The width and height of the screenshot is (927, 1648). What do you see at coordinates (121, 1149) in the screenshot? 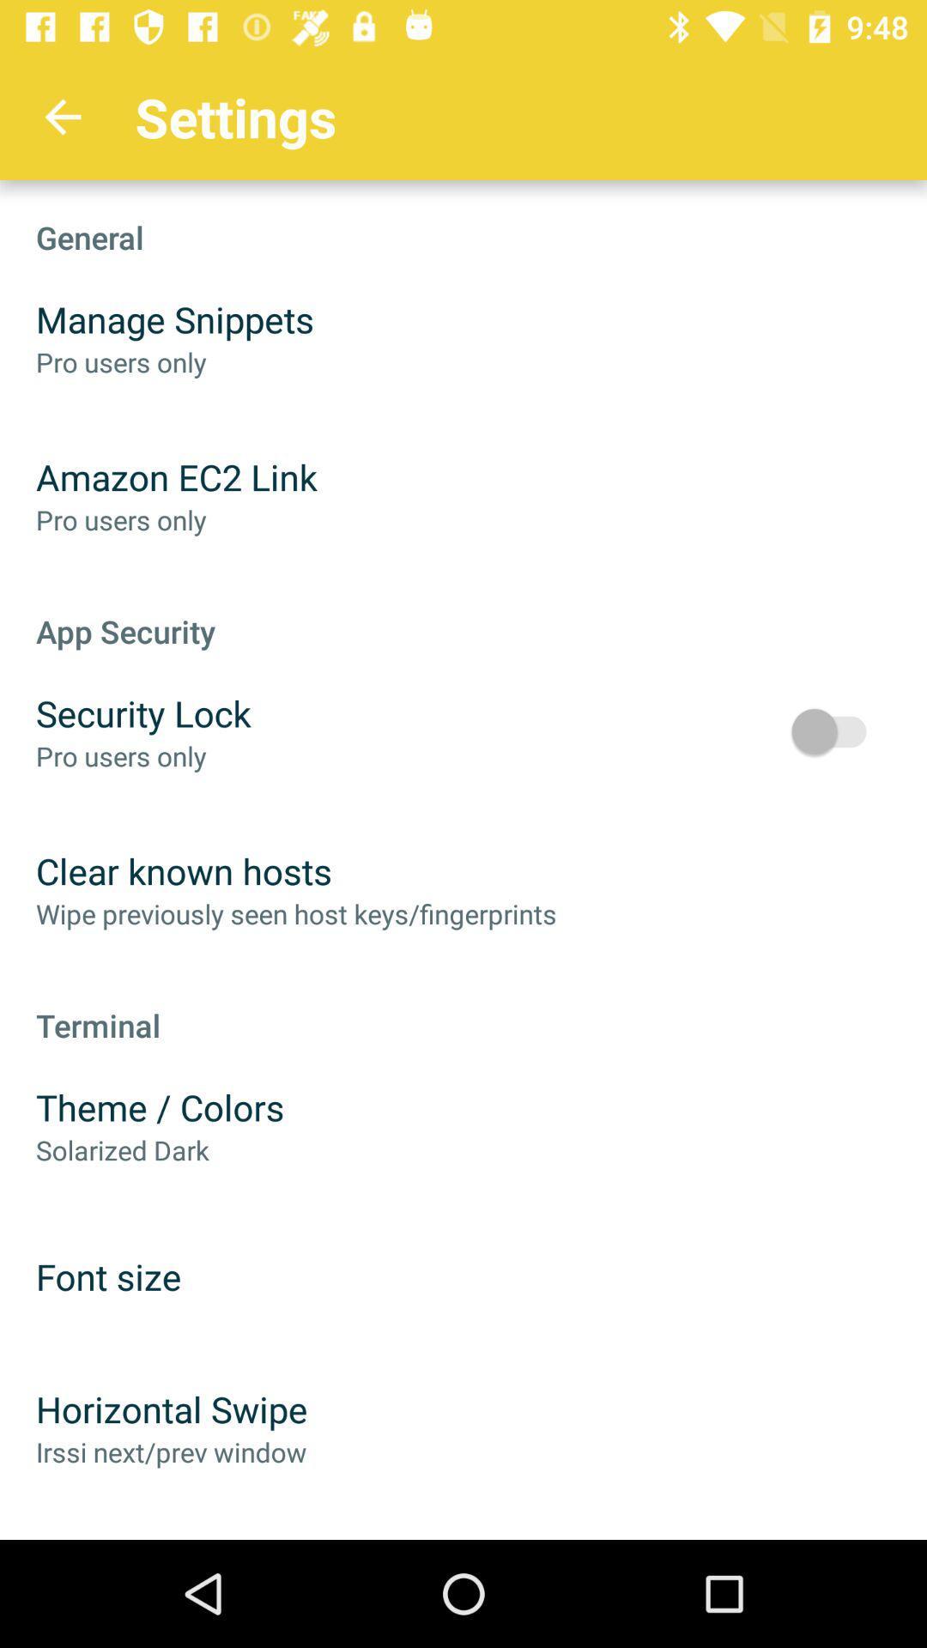
I see `item below theme / colors item` at bounding box center [121, 1149].